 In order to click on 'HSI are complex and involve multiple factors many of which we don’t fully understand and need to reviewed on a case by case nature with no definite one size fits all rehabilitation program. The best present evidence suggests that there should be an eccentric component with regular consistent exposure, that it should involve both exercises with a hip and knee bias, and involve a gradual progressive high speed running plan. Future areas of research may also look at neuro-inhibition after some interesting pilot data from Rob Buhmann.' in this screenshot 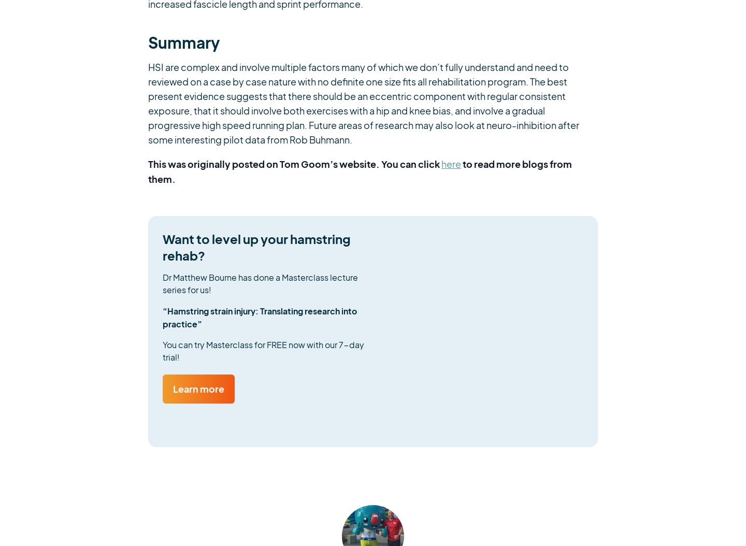, I will do `click(364, 103)`.